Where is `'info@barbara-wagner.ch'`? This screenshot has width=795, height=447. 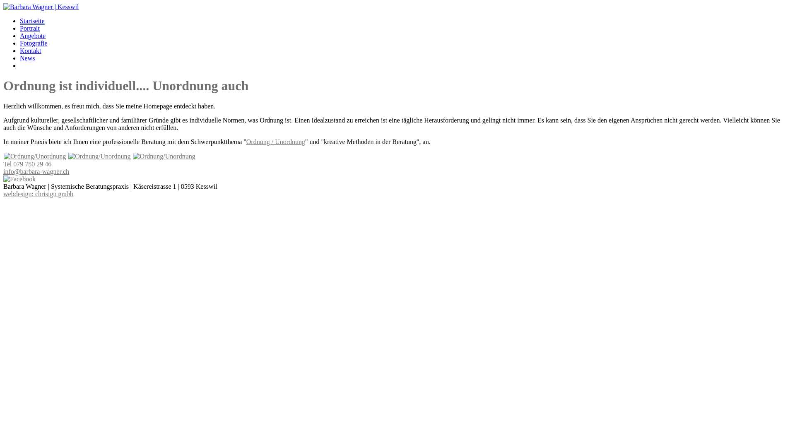
'info@barbara-wagner.ch' is located at coordinates (36, 171).